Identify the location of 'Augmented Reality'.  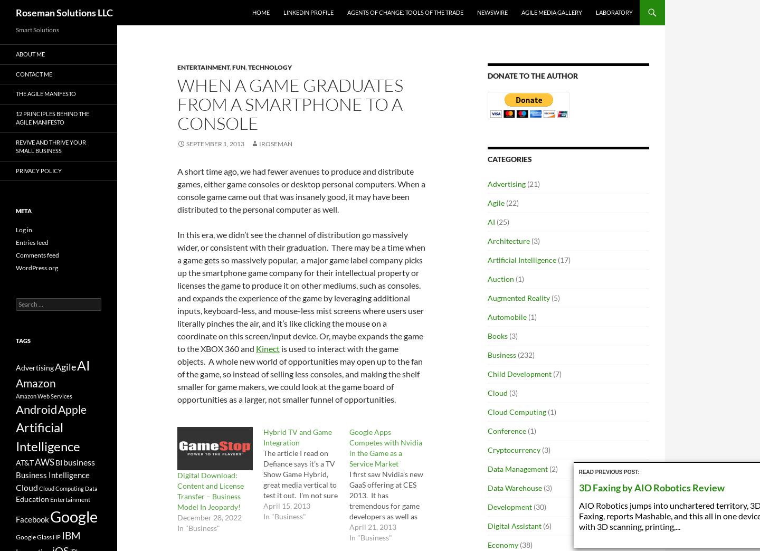
(518, 297).